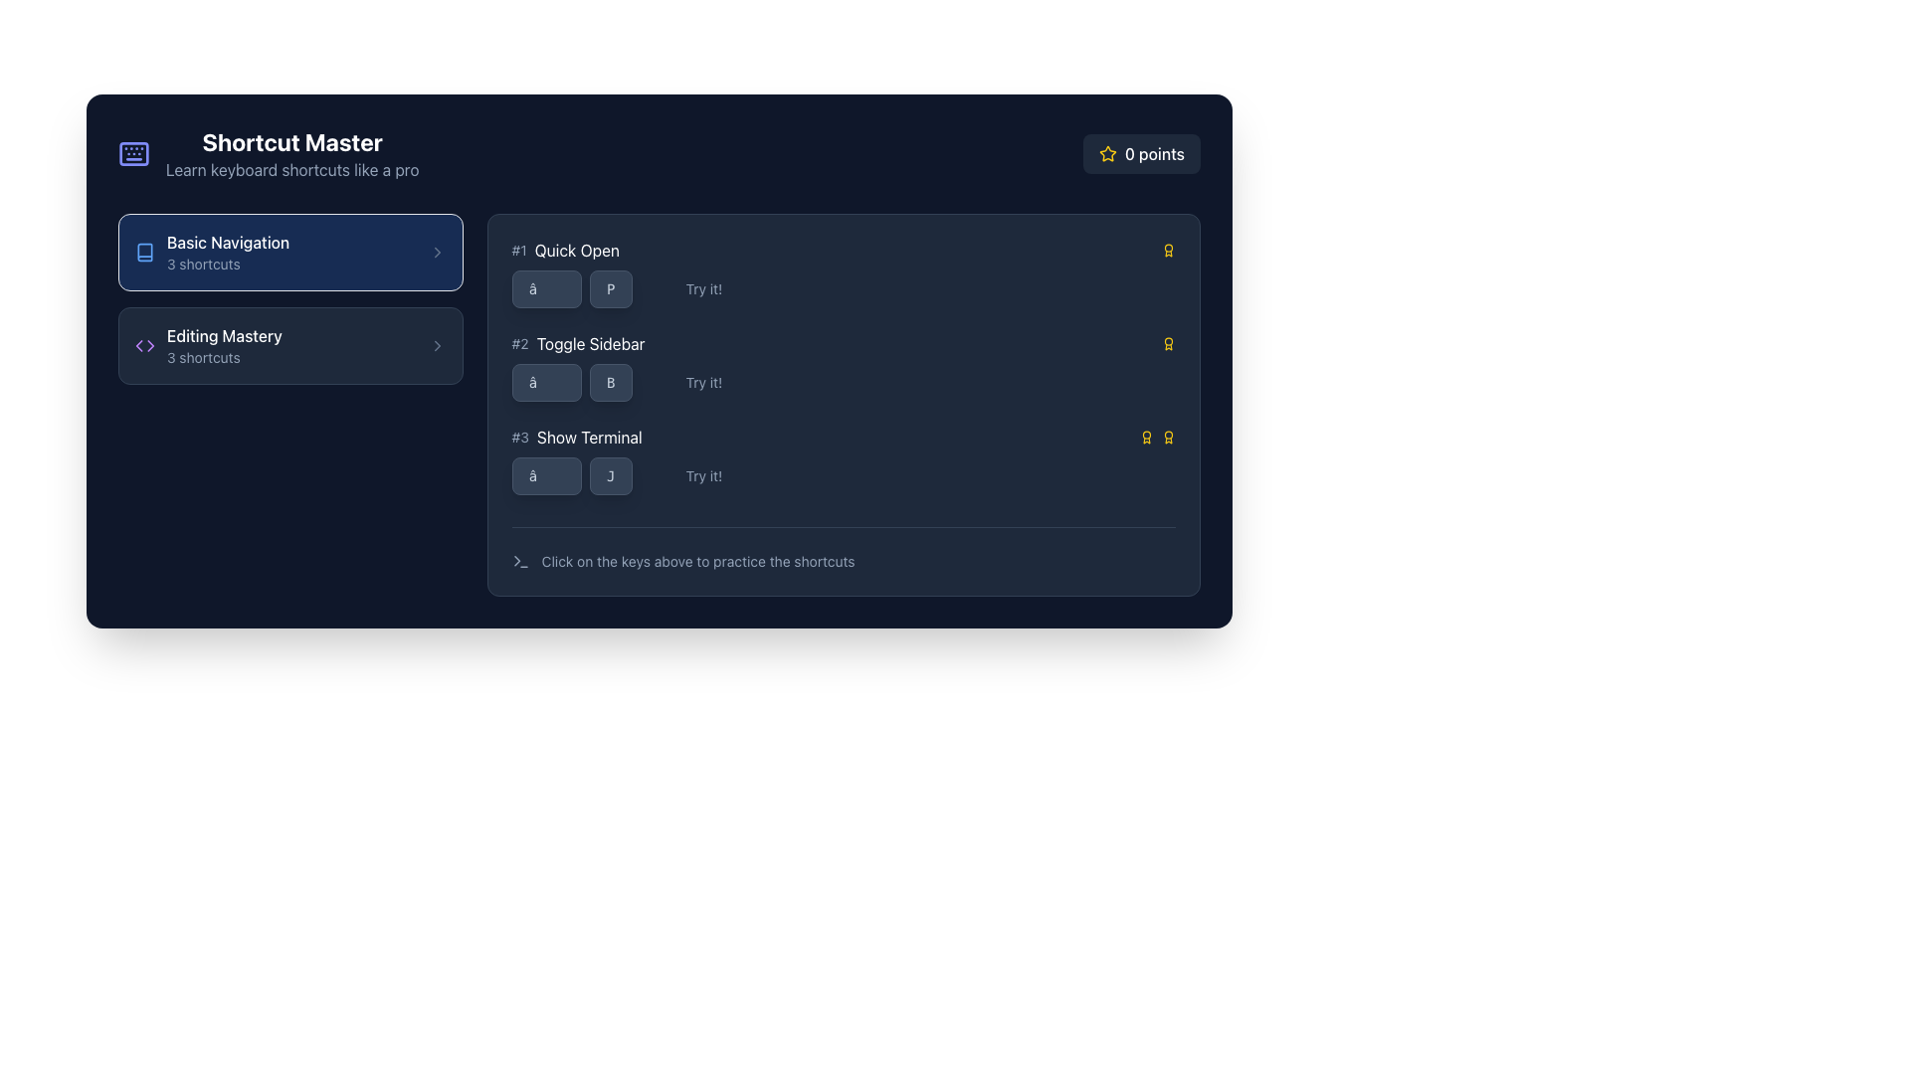  I want to click on the 'Editing Mastery' text label located in the left section of the interface, which is the second item in the list of options, so click(224, 335).